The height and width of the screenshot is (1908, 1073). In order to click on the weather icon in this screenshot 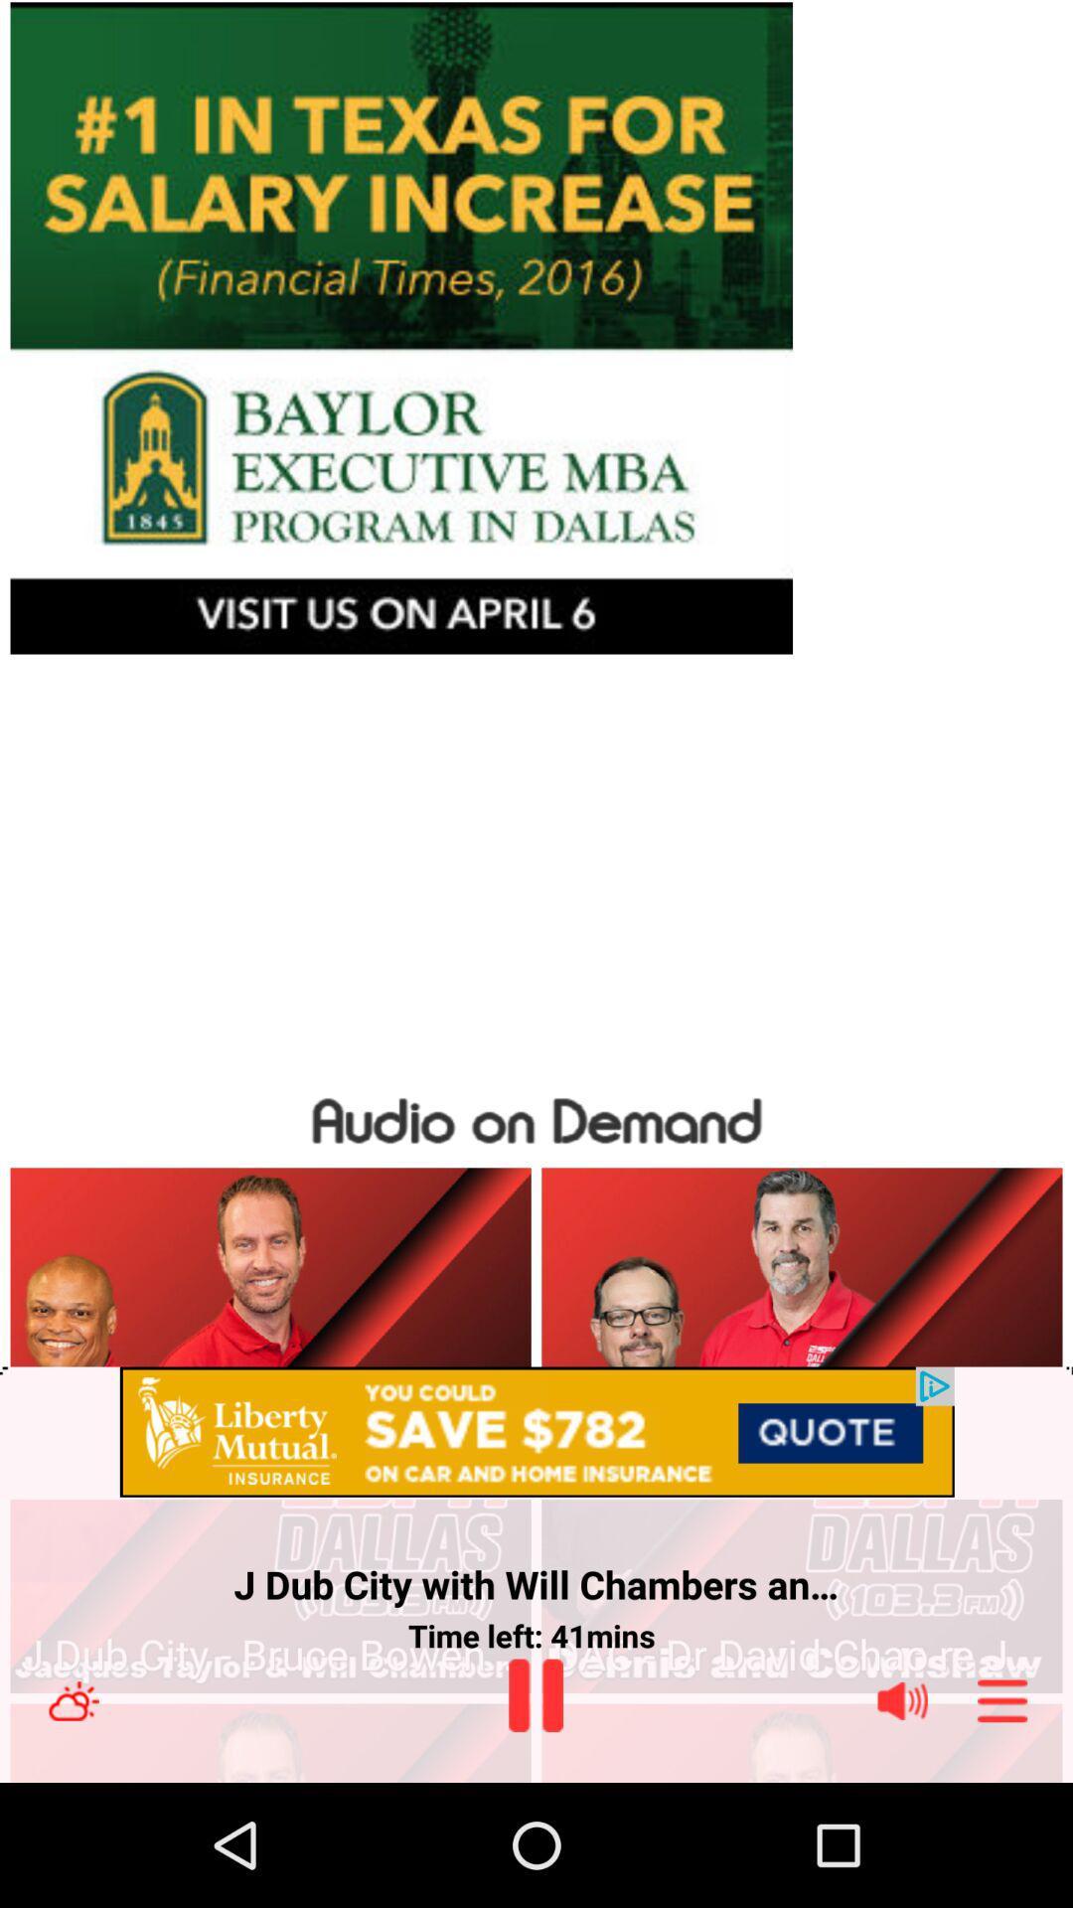, I will do `click(73, 1821)`.